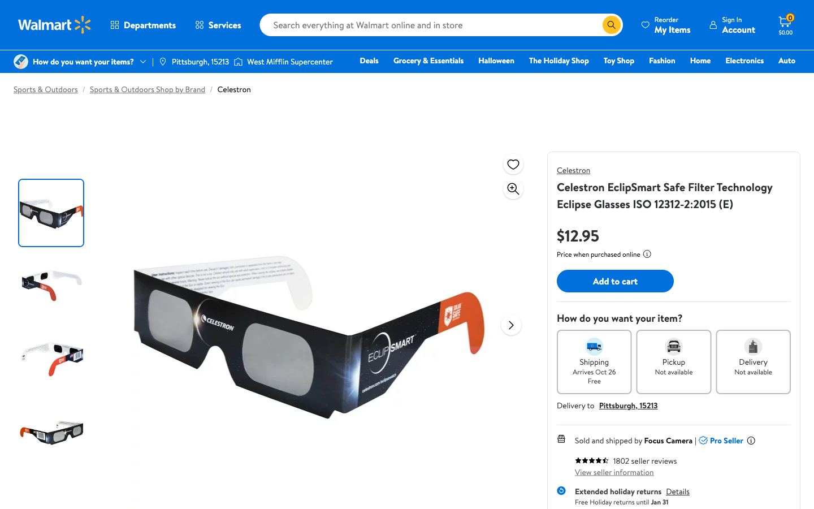  Describe the element at coordinates (511, 325) in the screenshot. I see `Cycle through the product pictures` at that location.